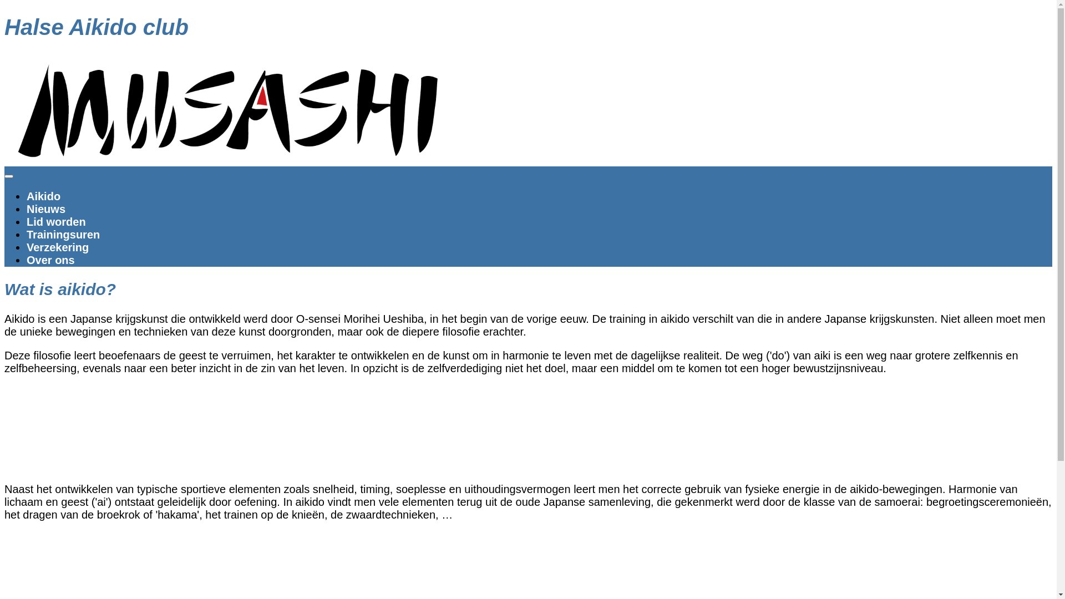 Image resolution: width=1065 pixels, height=599 pixels. I want to click on 'Aikido', so click(43, 196).